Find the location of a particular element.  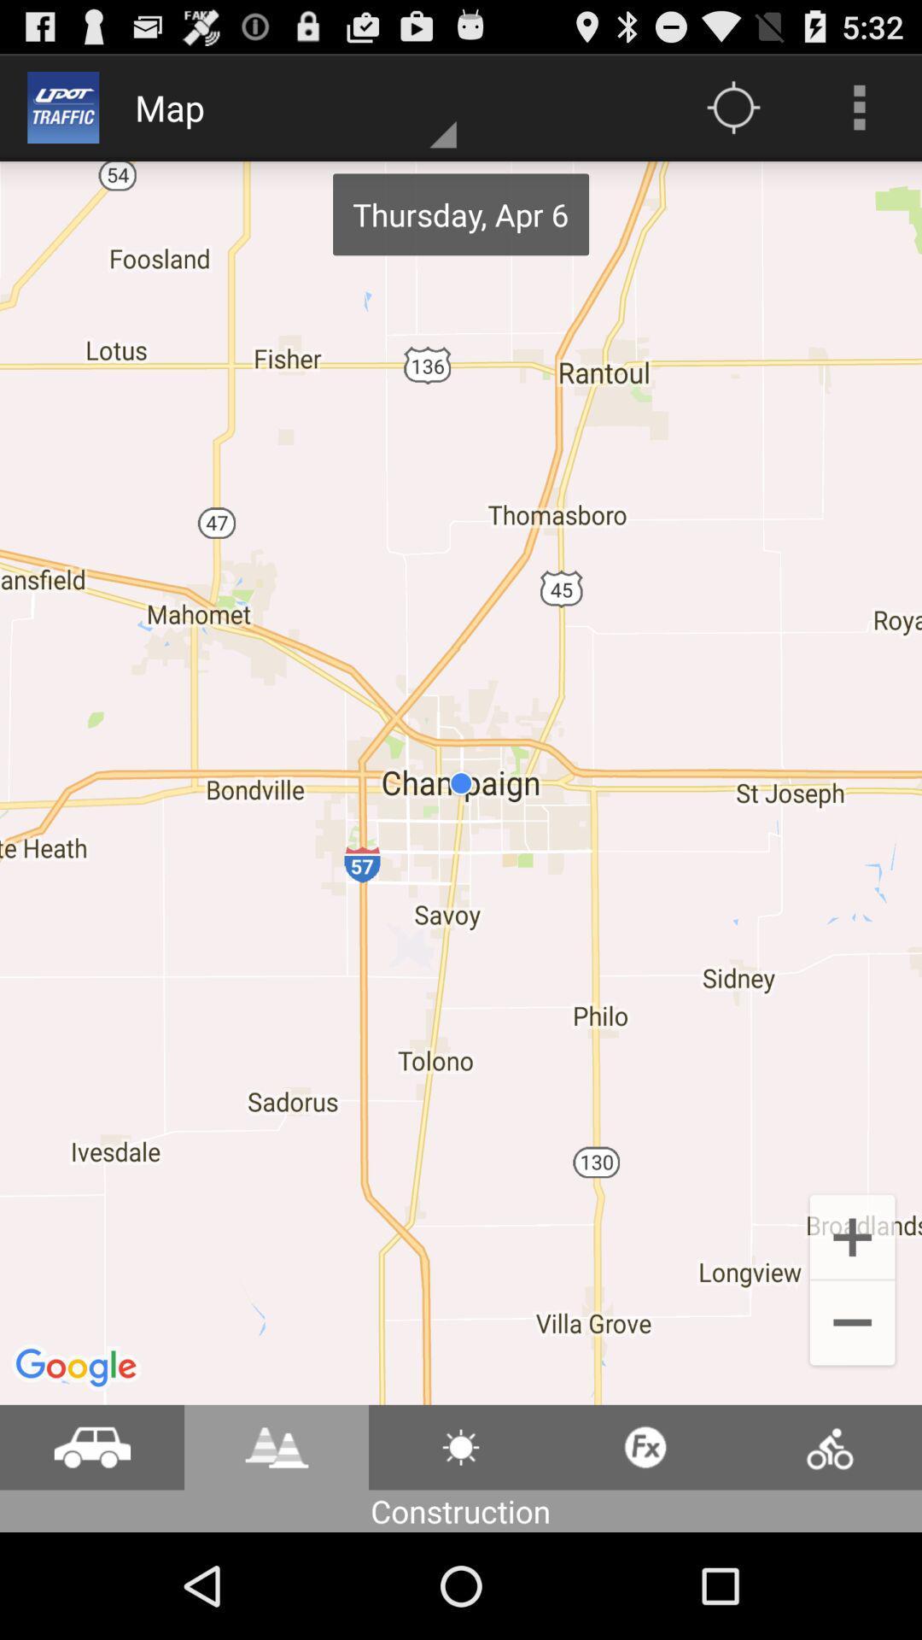

zoom in button is located at coordinates (853, 1235).